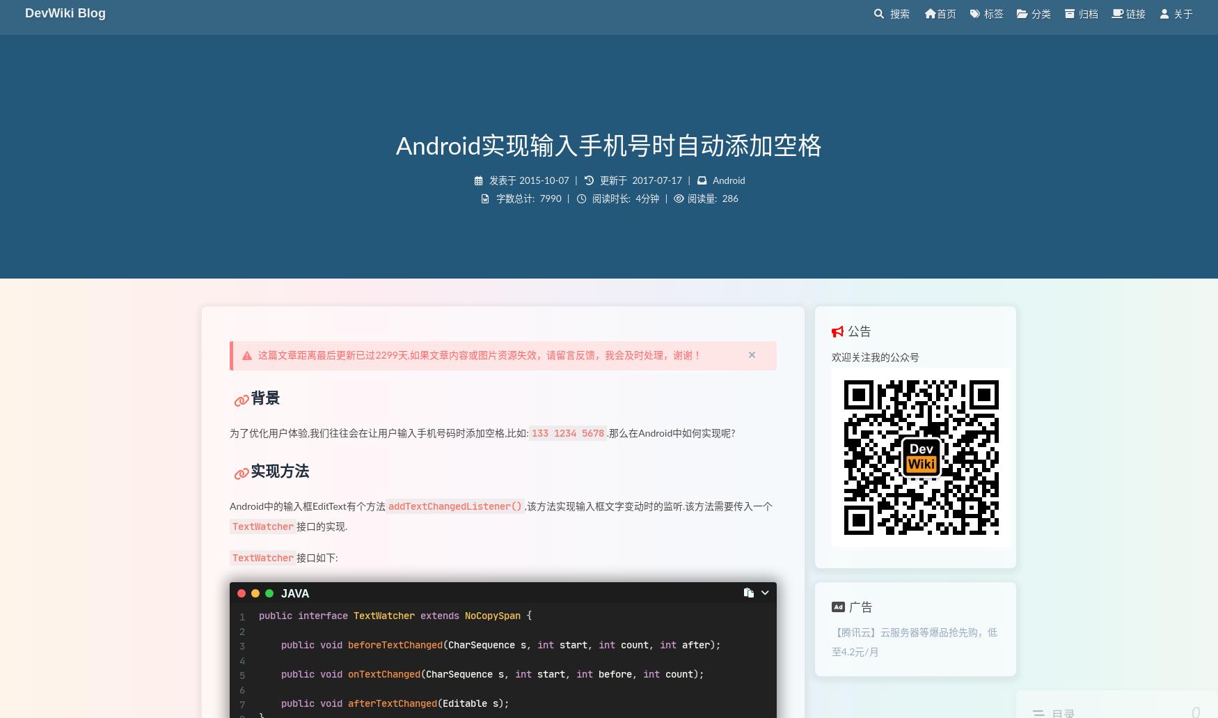  Describe the element at coordinates (670, 434) in the screenshot. I see `'.那么在Android中如何实现呢?'` at that location.